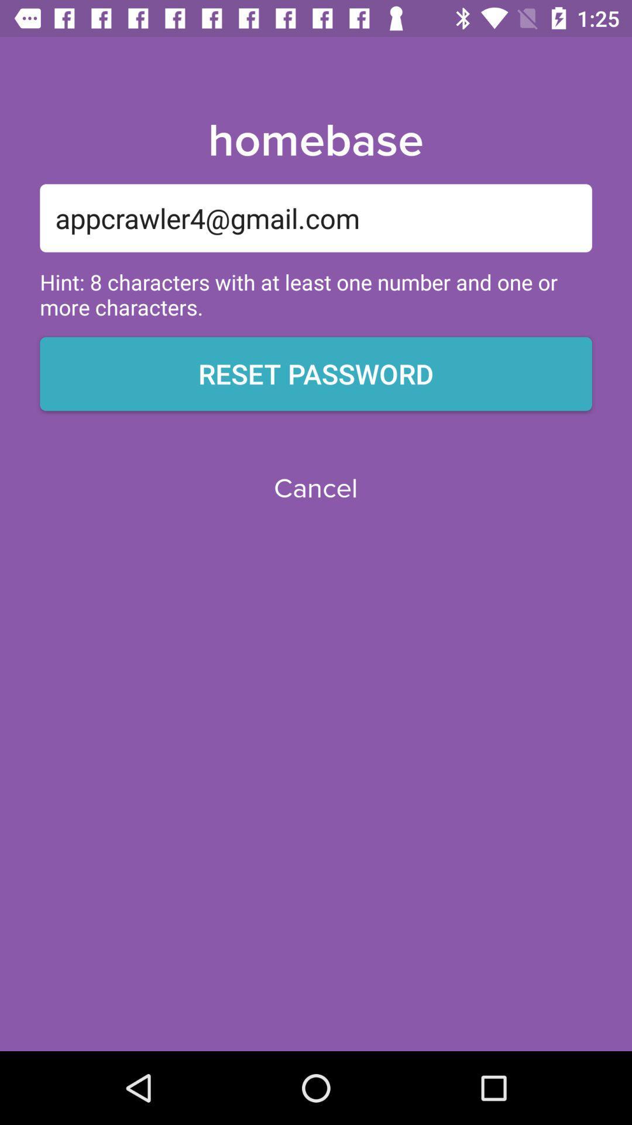 This screenshot has width=632, height=1125. I want to click on the item above the hint 8 characters item, so click(316, 218).